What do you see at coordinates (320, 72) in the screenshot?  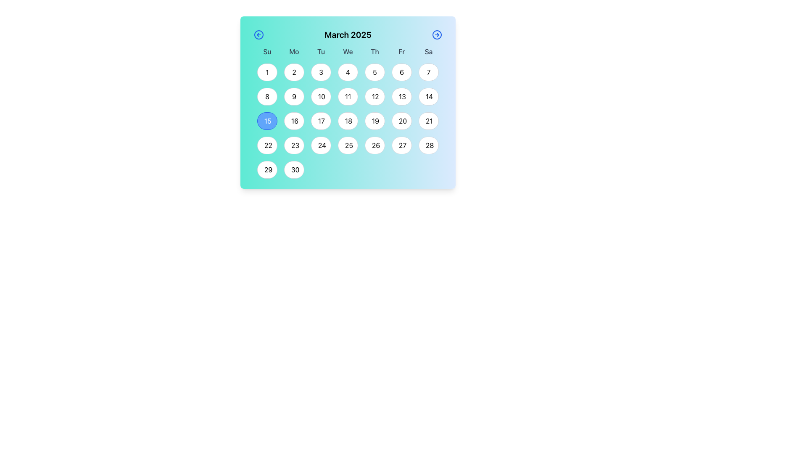 I see `the '3' button in the calendar representing Tuesday to trigger a visual change` at bounding box center [320, 72].